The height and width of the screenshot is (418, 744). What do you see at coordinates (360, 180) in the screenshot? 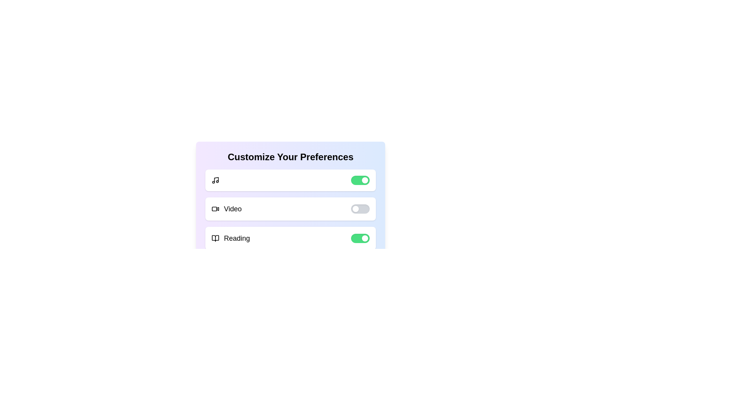
I see `the toggle switch associated with the Music option` at bounding box center [360, 180].